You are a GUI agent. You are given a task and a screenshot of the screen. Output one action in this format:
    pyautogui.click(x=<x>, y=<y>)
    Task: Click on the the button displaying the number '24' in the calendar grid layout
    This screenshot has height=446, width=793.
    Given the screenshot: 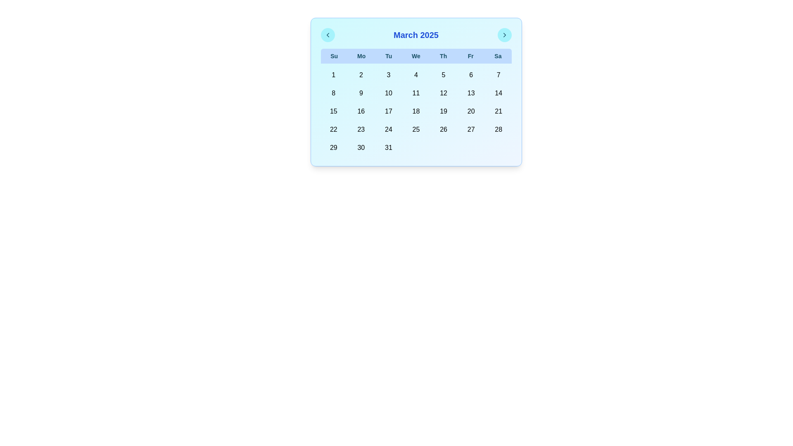 What is the action you would take?
    pyautogui.click(x=388, y=129)
    